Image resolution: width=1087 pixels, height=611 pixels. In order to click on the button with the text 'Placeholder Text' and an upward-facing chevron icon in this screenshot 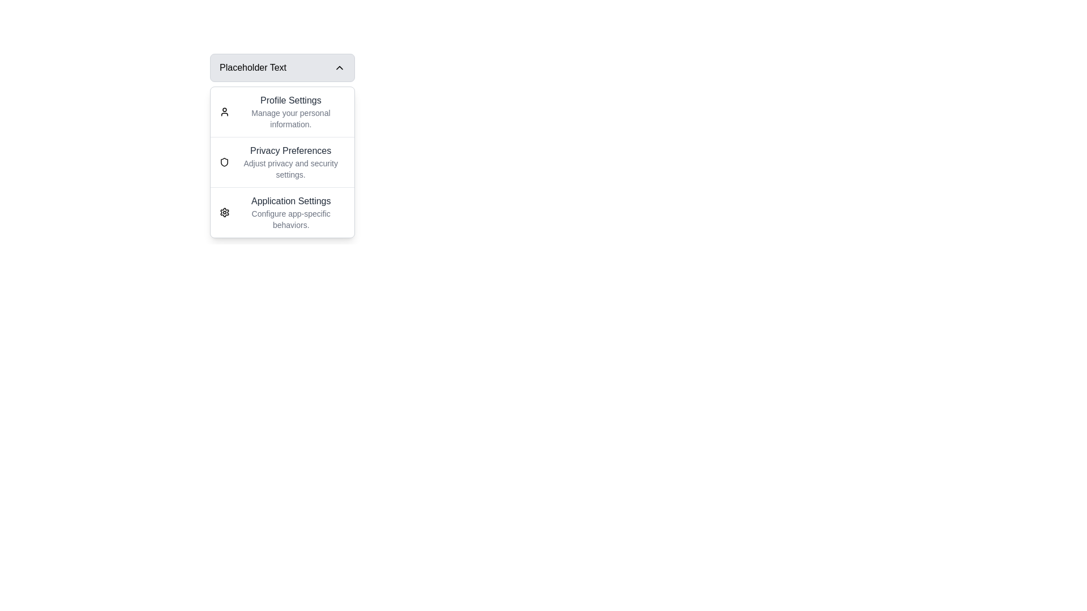, I will do `click(283, 67)`.